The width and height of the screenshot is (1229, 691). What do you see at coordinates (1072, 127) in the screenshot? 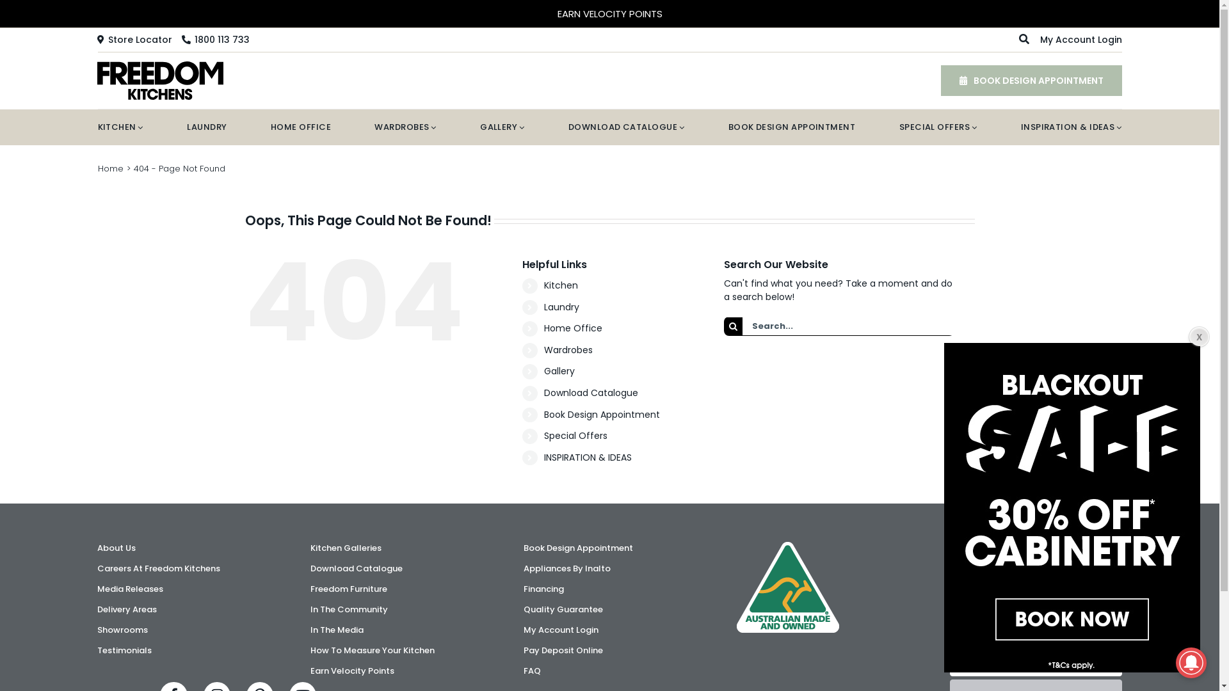
I see `'INSPIRATION & IDEAS'` at bounding box center [1072, 127].